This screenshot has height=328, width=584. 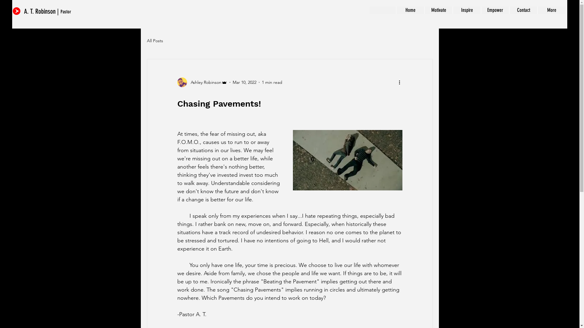 What do you see at coordinates (155, 41) in the screenshot?
I see `'All Posts'` at bounding box center [155, 41].